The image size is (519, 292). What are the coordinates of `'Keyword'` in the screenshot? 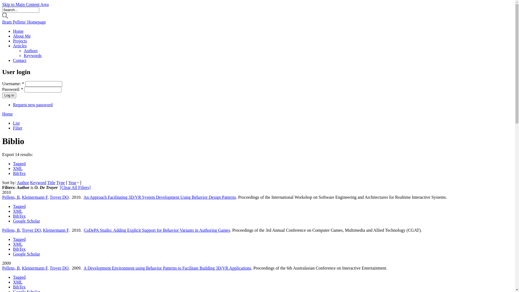 It's located at (38, 182).